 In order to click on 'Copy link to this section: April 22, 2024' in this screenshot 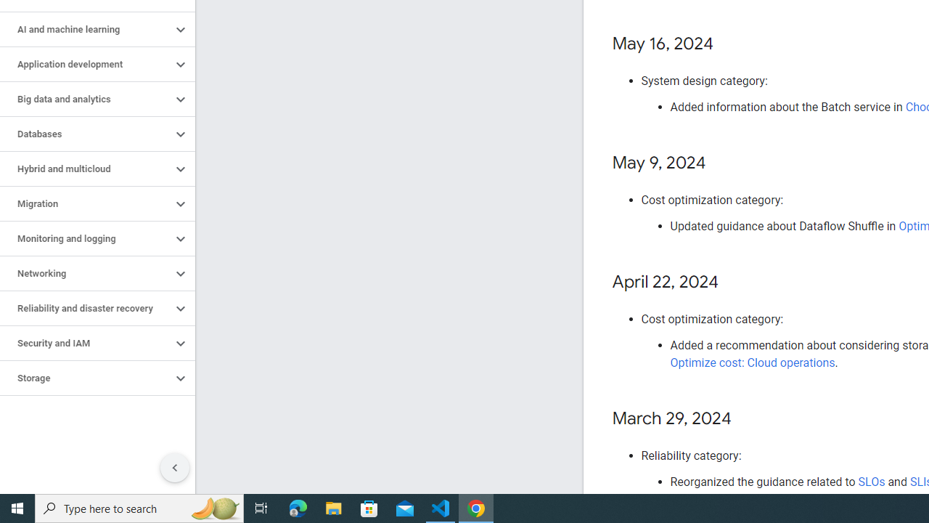, I will do `click(732, 283)`.